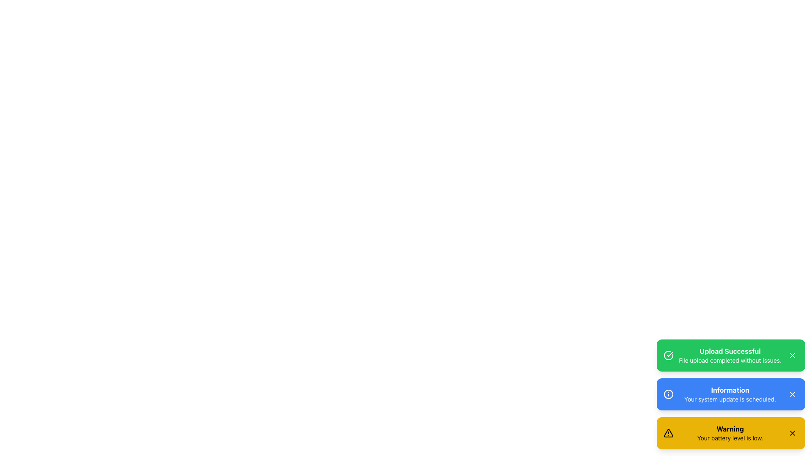 This screenshot has height=456, width=812. What do you see at coordinates (668, 394) in the screenshot?
I see `the circular information icon with a centered 'i' symbol, styled as an outline in white against a blue background, located at the leftmost side of the blue notification box` at bounding box center [668, 394].